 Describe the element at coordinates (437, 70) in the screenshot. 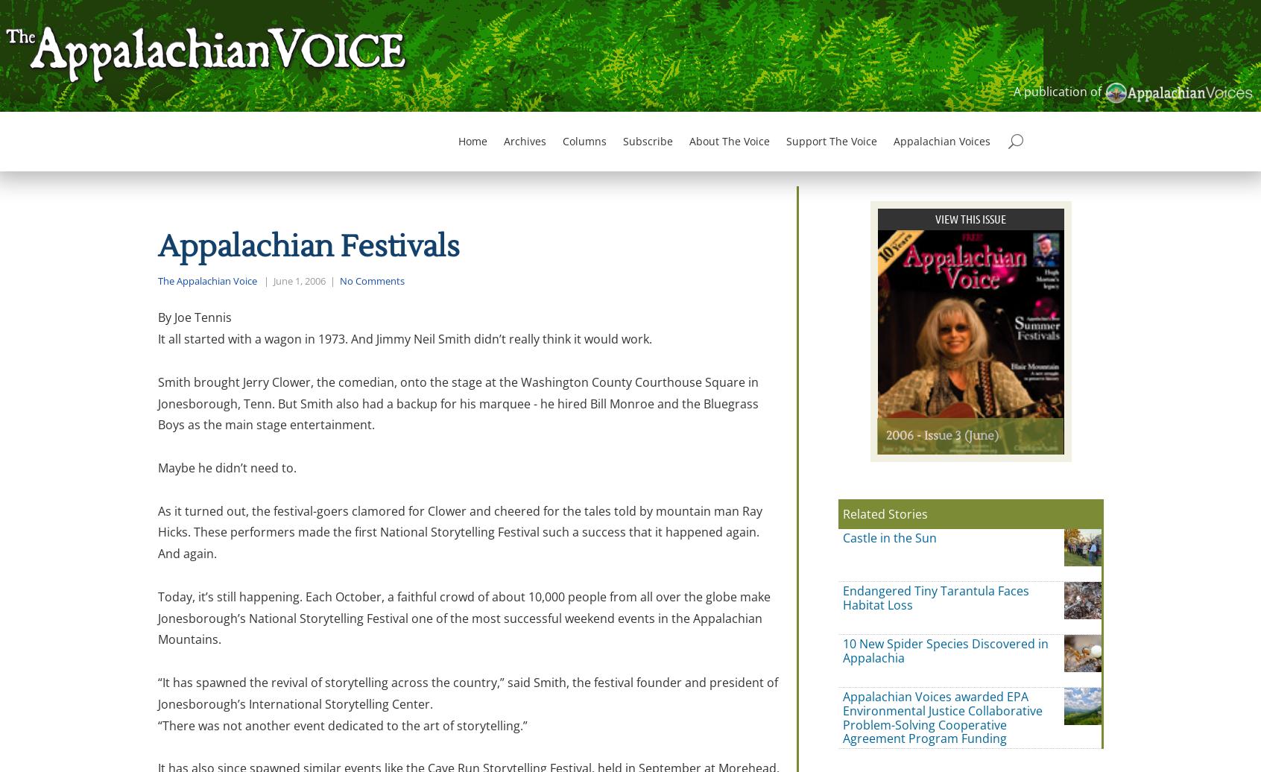

I see `'“At our Maple Festival, we had bad weather. We had snow both days,” said Greer, who helps oversee Whitetop’s festivals. “Our attendance kind of goes with the weather.”'` at that location.